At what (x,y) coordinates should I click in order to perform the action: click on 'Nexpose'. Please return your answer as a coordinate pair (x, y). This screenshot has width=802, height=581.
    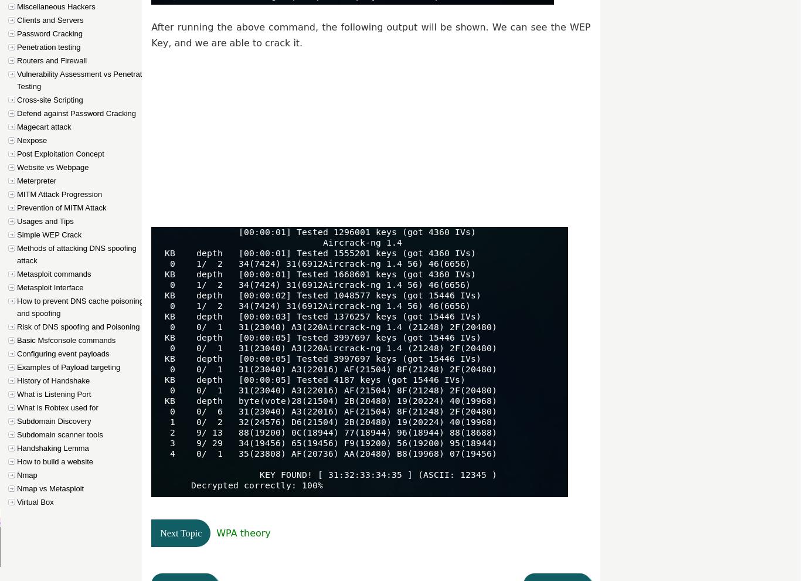
    Looking at the image, I should click on (32, 140).